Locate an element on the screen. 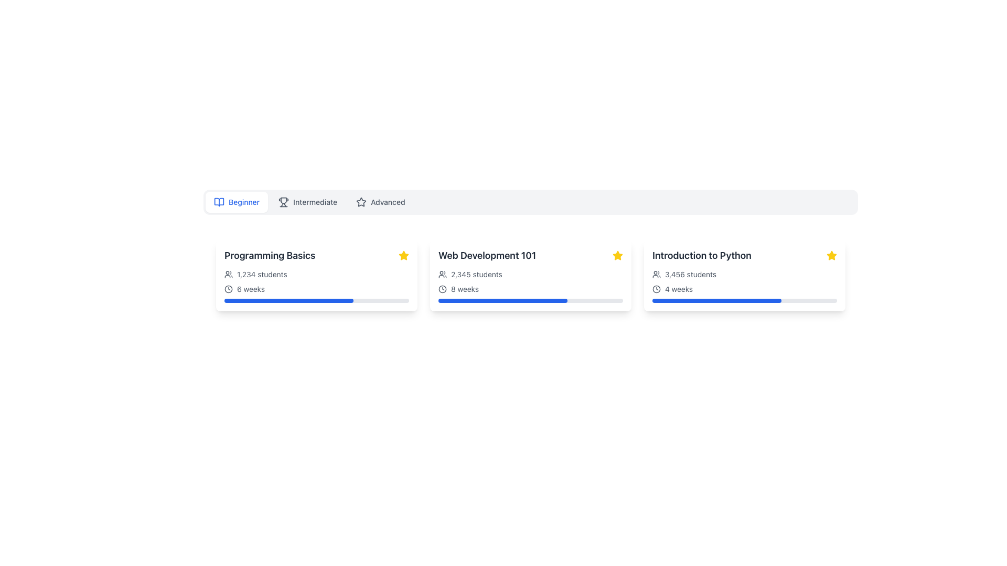 This screenshot has height=566, width=1007. the progress is located at coordinates (272, 301).